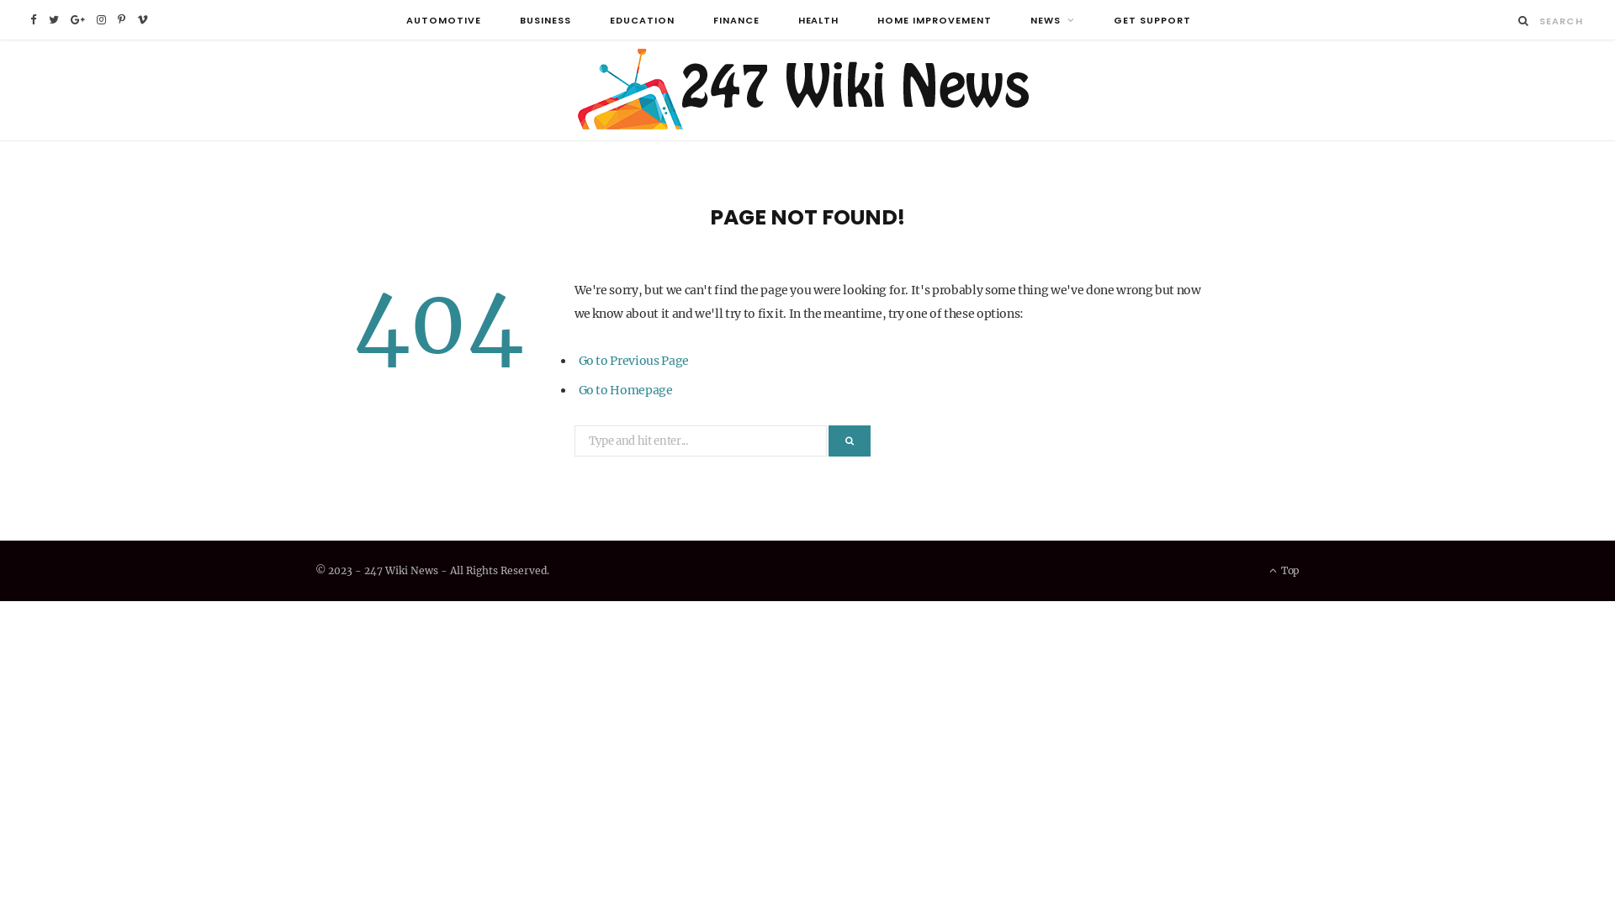 Image resolution: width=1615 pixels, height=908 pixels. What do you see at coordinates (120, 19) in the screenshot?
I see `'Pinterest'` at bounding box center [120, 19].